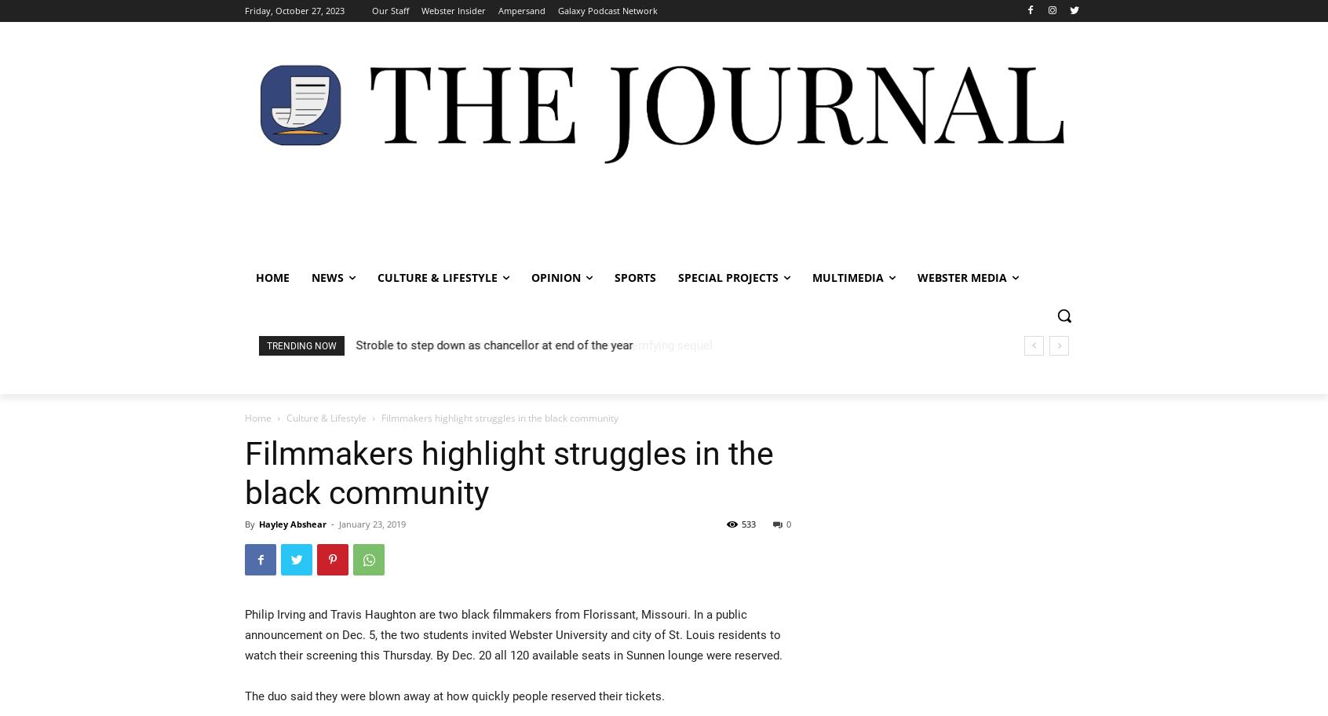 The image size is (1328, 716). I want to click on 'Sports', so click(635, 276).